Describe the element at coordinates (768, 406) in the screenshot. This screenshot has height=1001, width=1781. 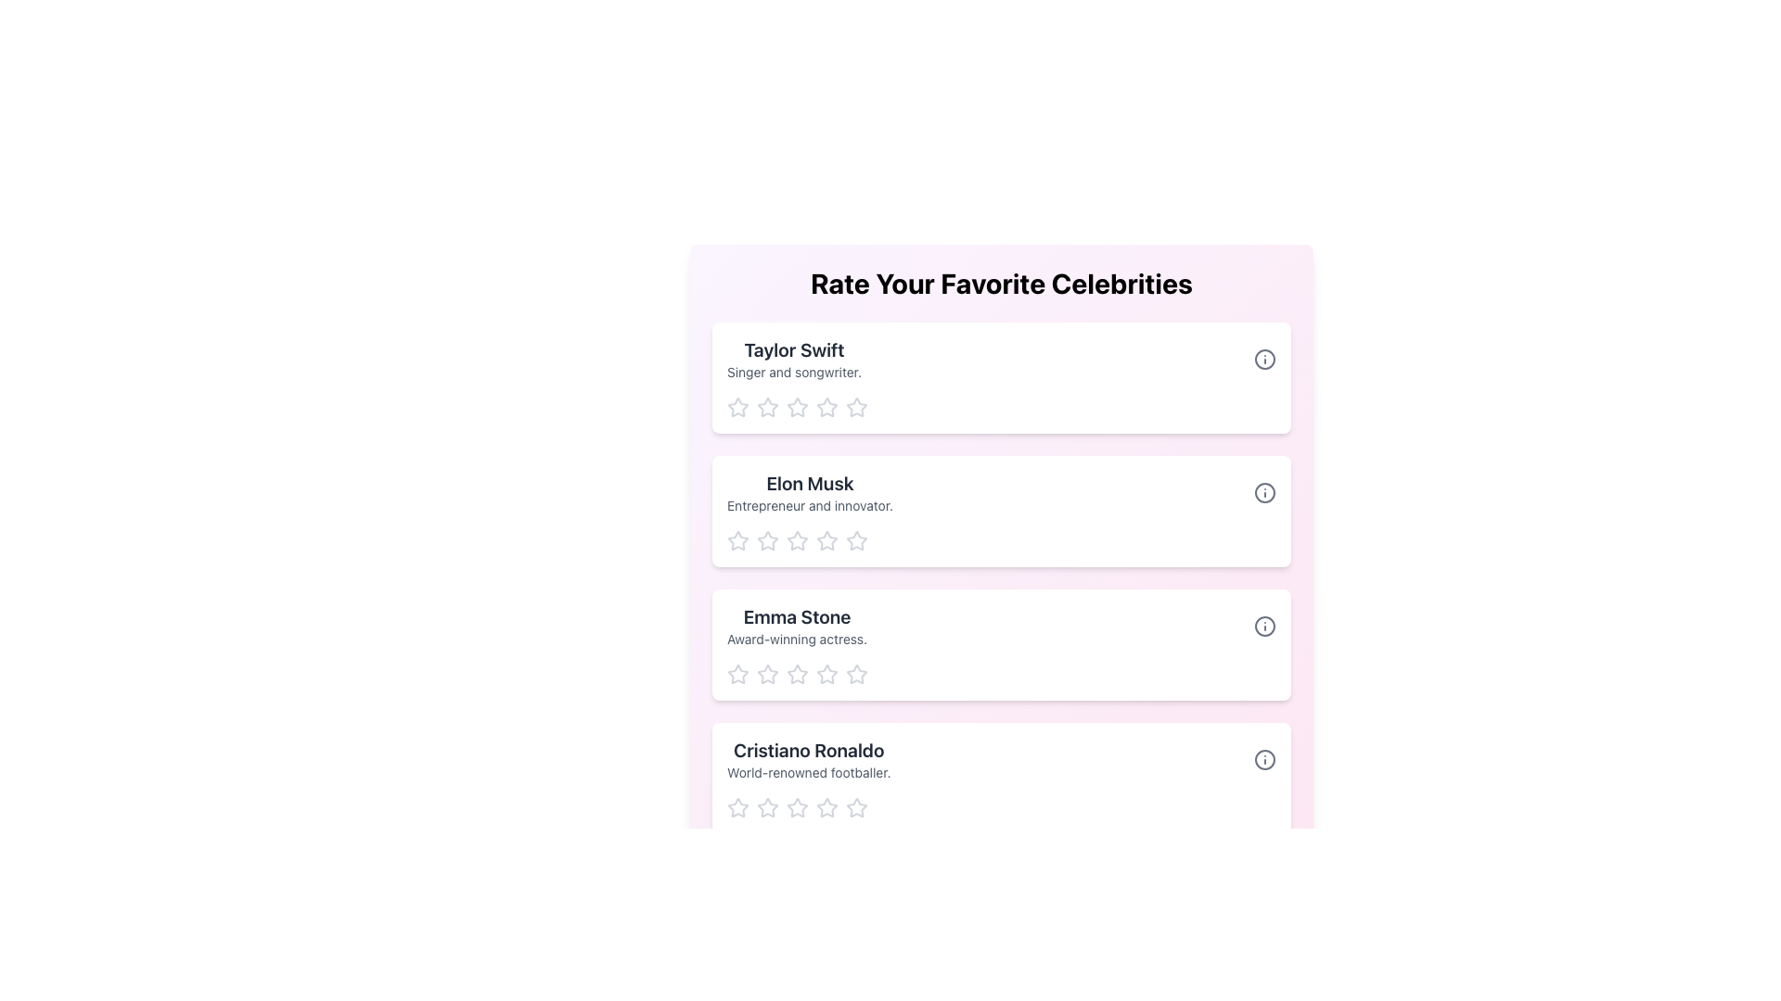
I see `the first star-shaped outline icon` at that location.